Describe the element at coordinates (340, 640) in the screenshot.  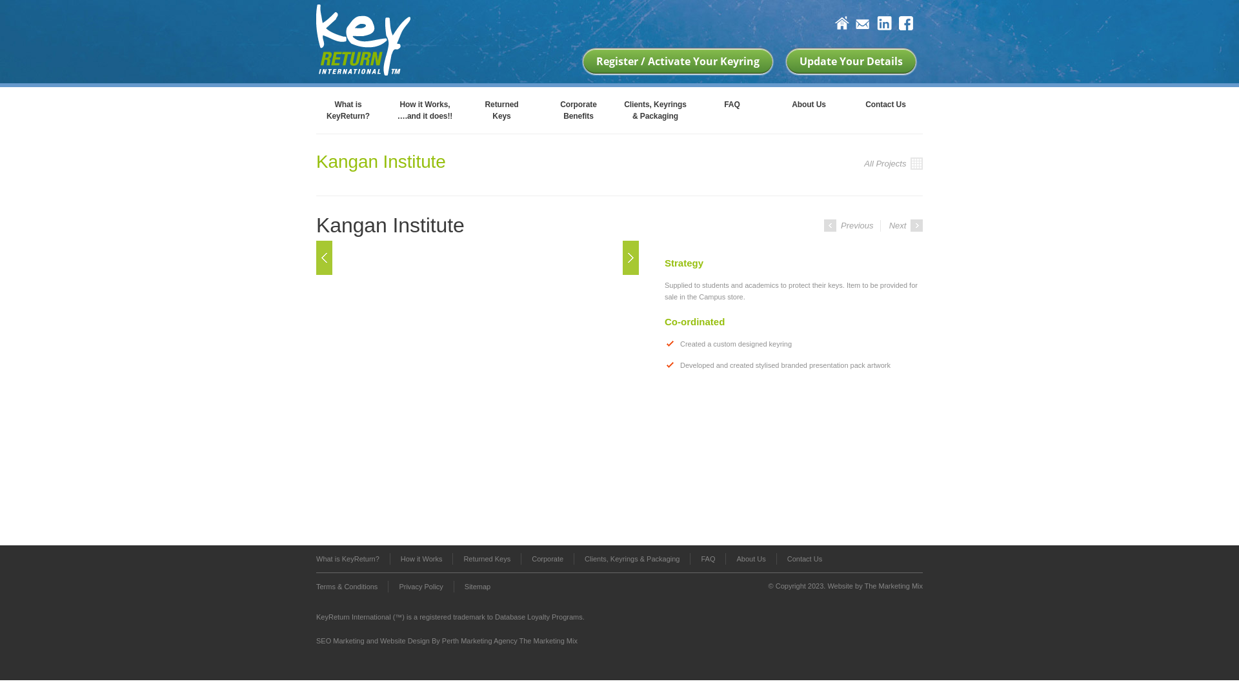
I see `'SEO Marketing'` at that location.